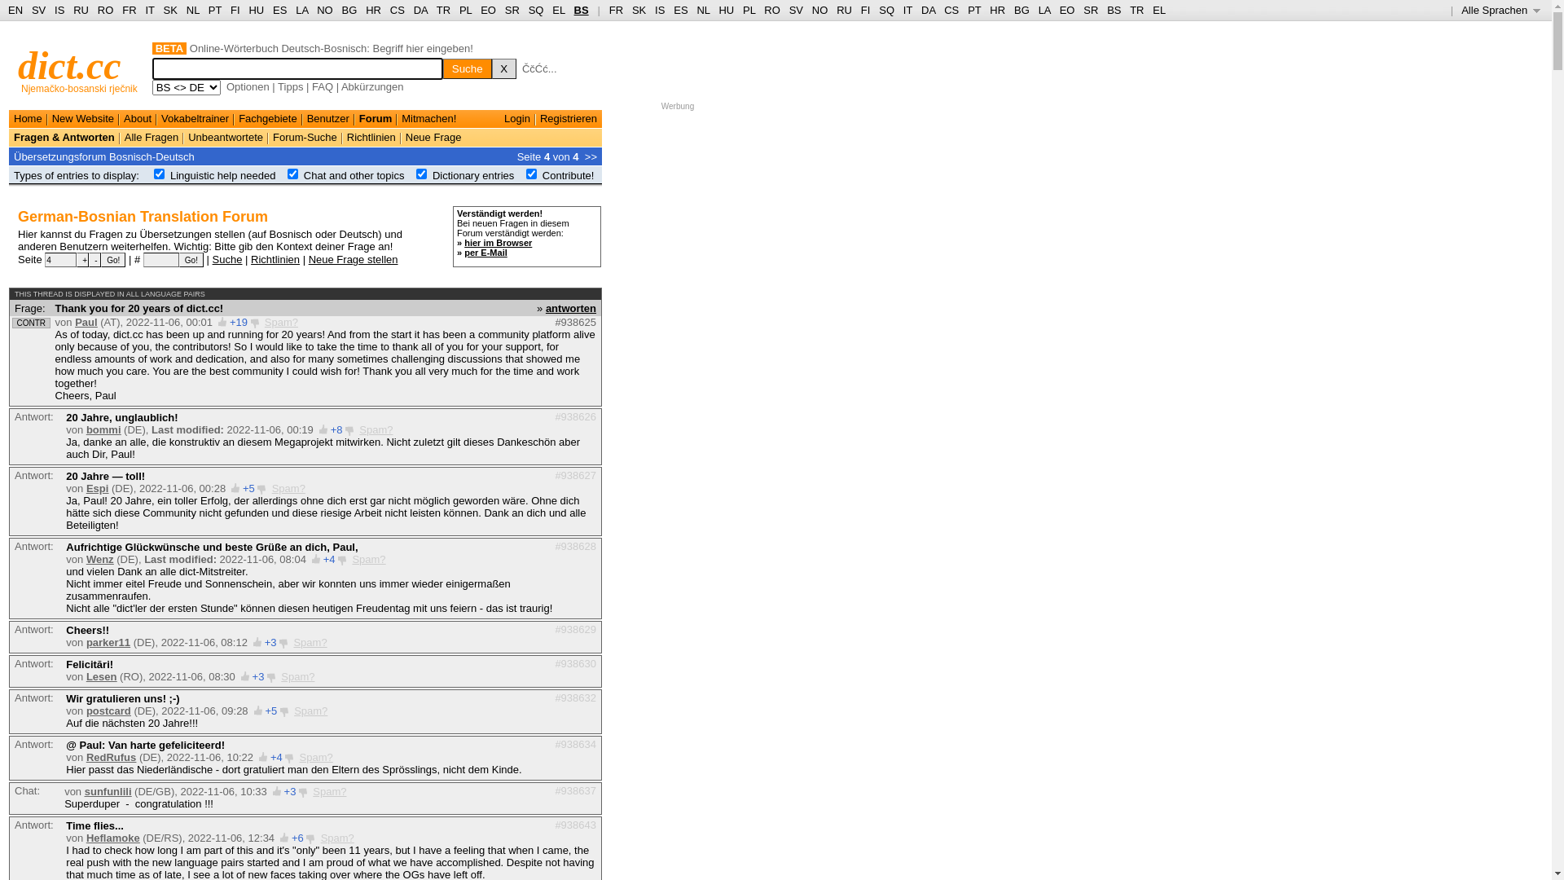  I want to click on 'BG', so click(1021, 10).